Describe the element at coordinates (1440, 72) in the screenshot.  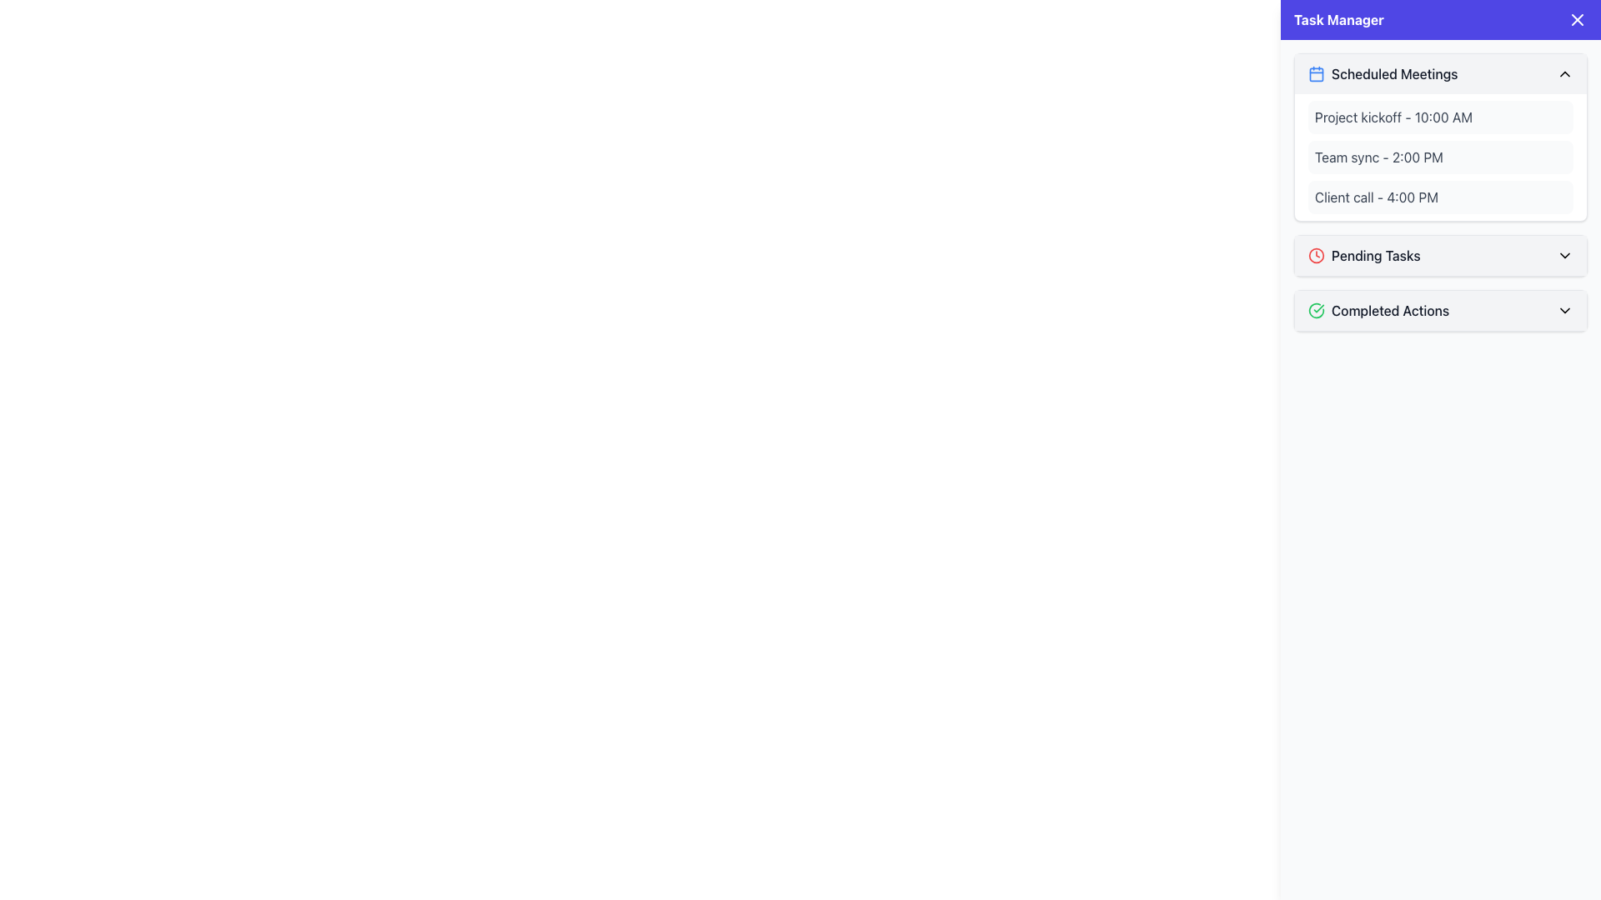
I see `the Toggle Header located at the top of the right-hand sidebar` at that location.